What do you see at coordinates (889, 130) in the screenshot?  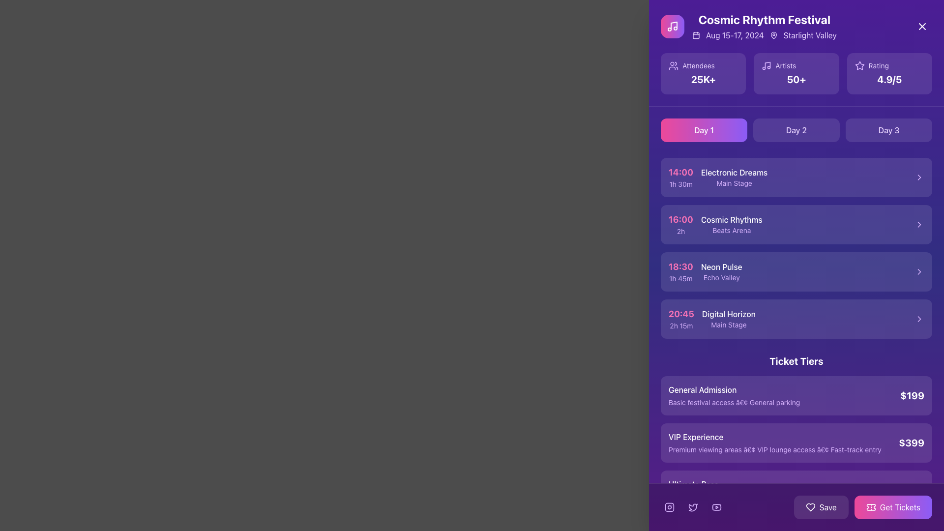 I see `the 'Day 3' tab in the navigation menu` at bounding box center [889, 130].